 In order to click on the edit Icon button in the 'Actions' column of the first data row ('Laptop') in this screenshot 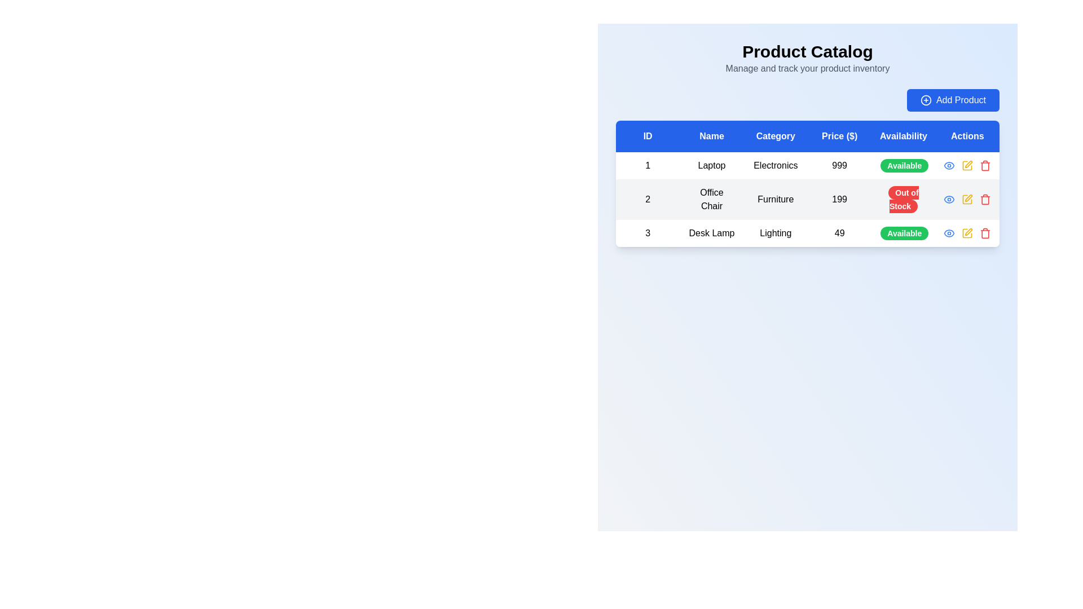, I will do `click(967, 165)`.